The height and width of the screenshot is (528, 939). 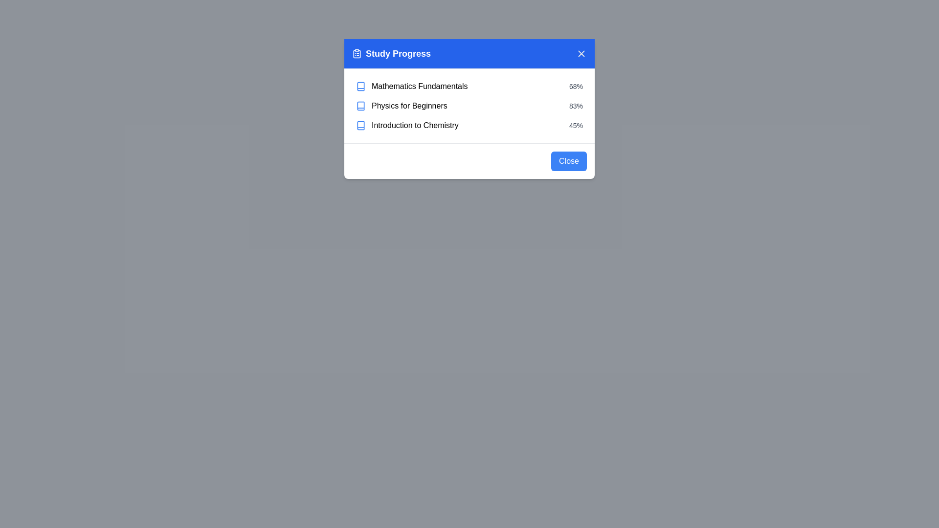 I want to click on the static text label that indicates the progress percentage for the 'Physics for Beginners' entry in the study progress dialog, located on the far right of the entry, so click(x=576, y=106).